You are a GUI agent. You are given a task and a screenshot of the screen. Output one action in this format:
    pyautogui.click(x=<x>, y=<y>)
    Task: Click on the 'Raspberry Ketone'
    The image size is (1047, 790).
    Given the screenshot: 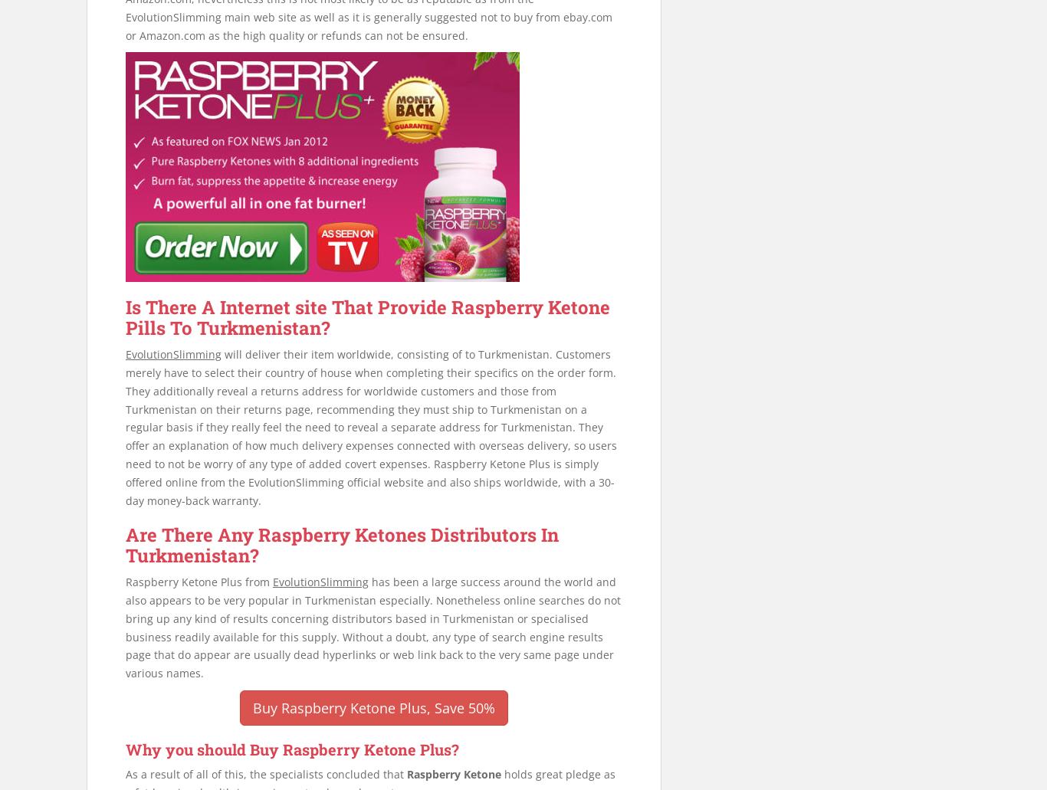 What is the action you would take?
    pyautogui.click(x=406, y=773)
    